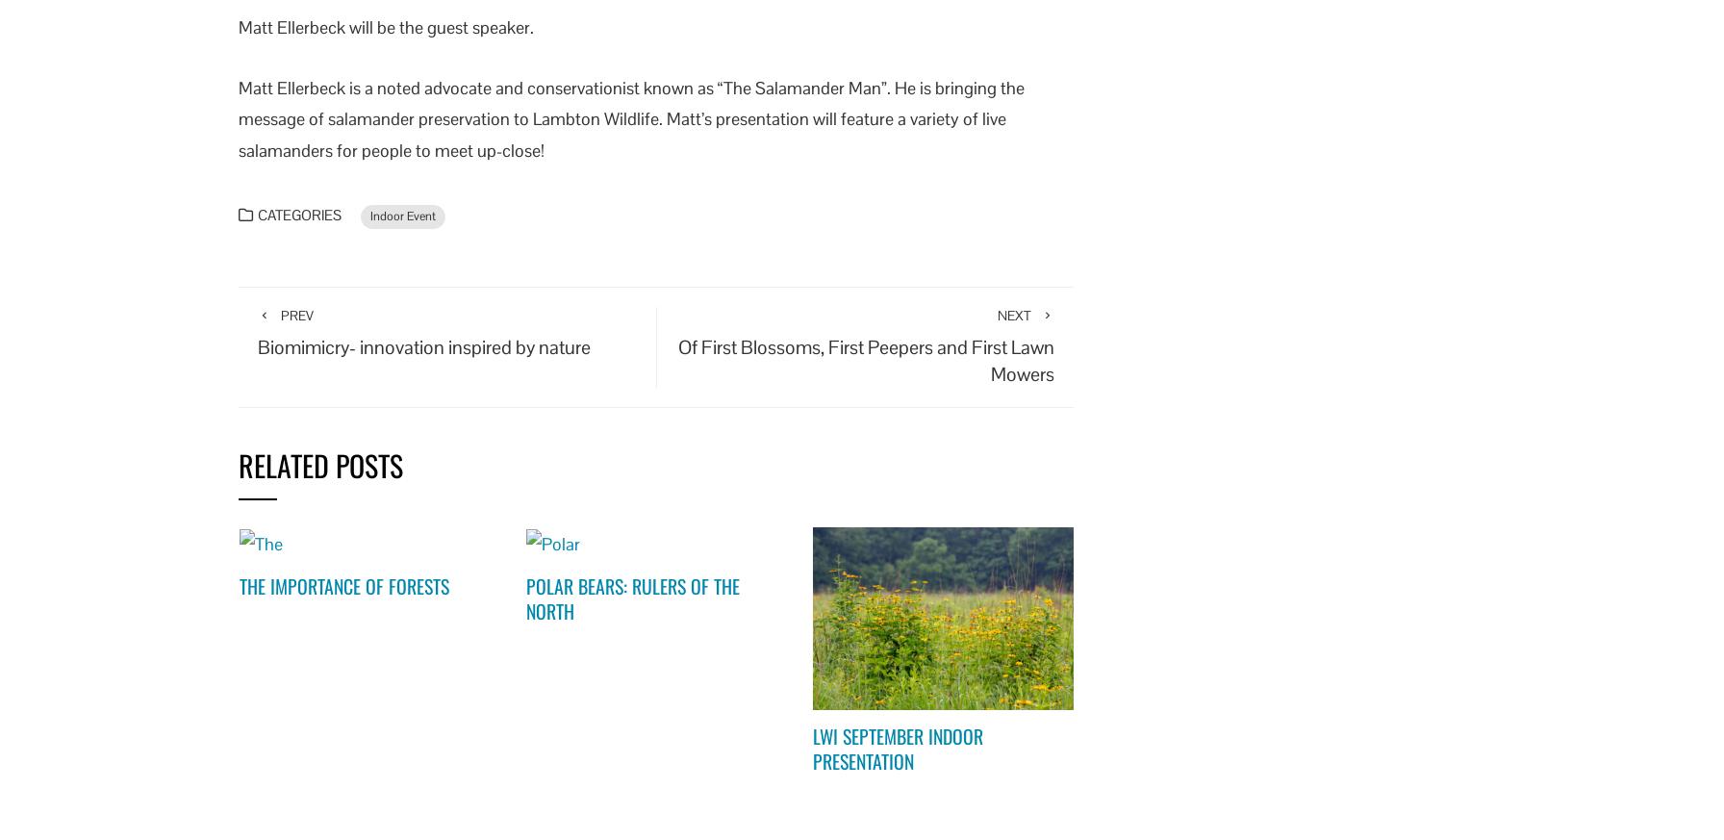  What do you see at coordinates (299, 213) in the screenshot?
I see `'Categories'` at bounding box center [299, 213].